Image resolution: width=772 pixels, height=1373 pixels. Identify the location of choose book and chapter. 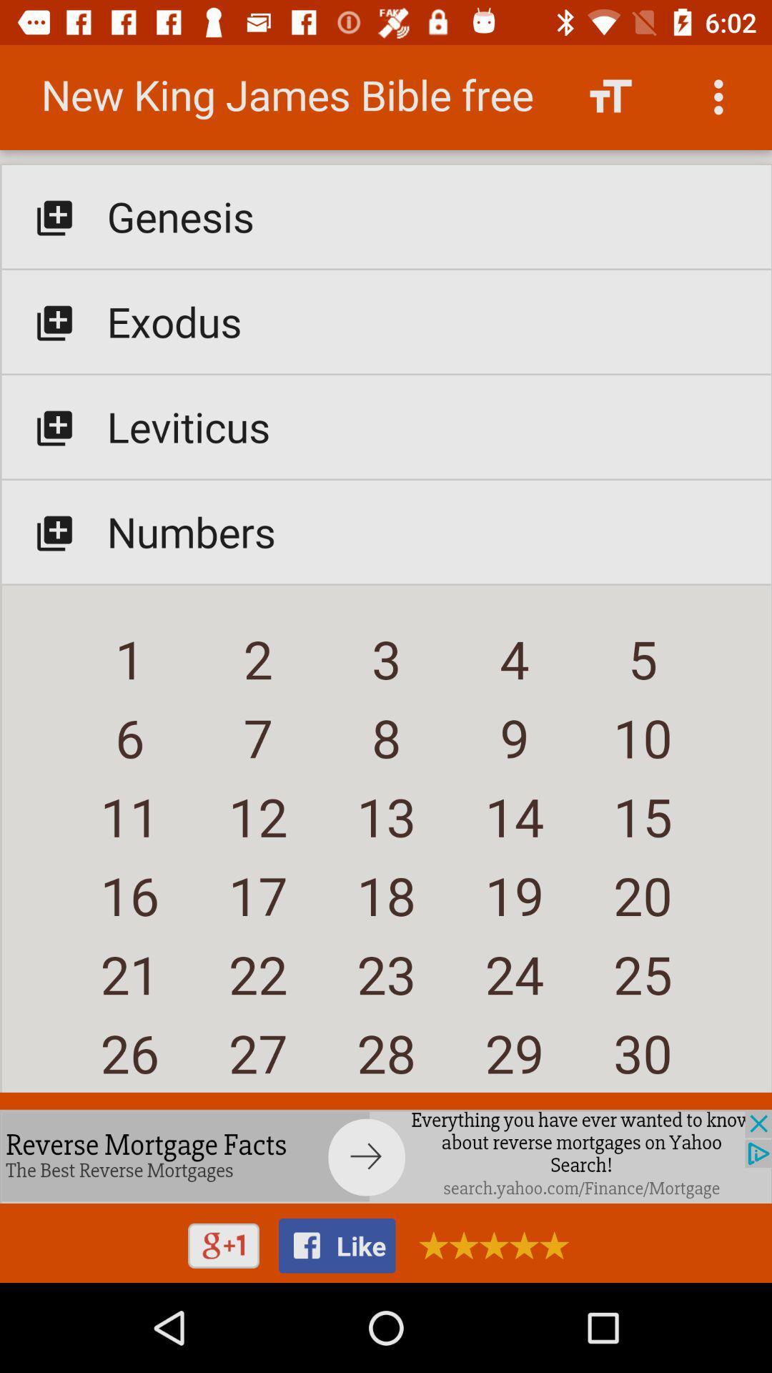
(386, 574).